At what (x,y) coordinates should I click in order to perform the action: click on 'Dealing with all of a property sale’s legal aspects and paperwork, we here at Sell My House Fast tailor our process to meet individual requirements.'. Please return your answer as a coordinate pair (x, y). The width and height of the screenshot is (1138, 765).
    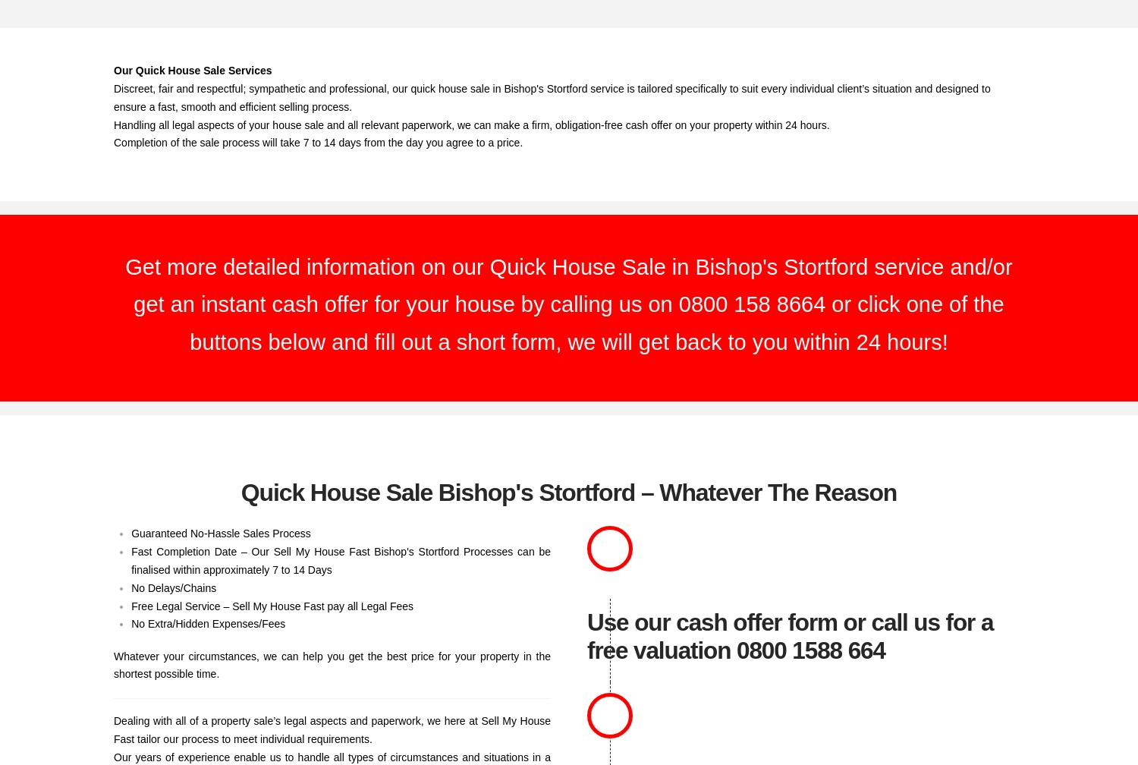
    Looking at the image, I should click on (332, 729).